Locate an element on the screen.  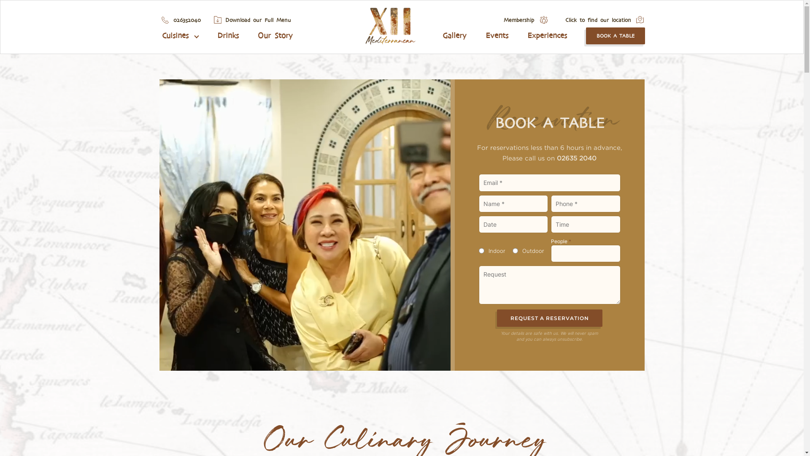
'Gallery' is located at coordinates (454, 35).